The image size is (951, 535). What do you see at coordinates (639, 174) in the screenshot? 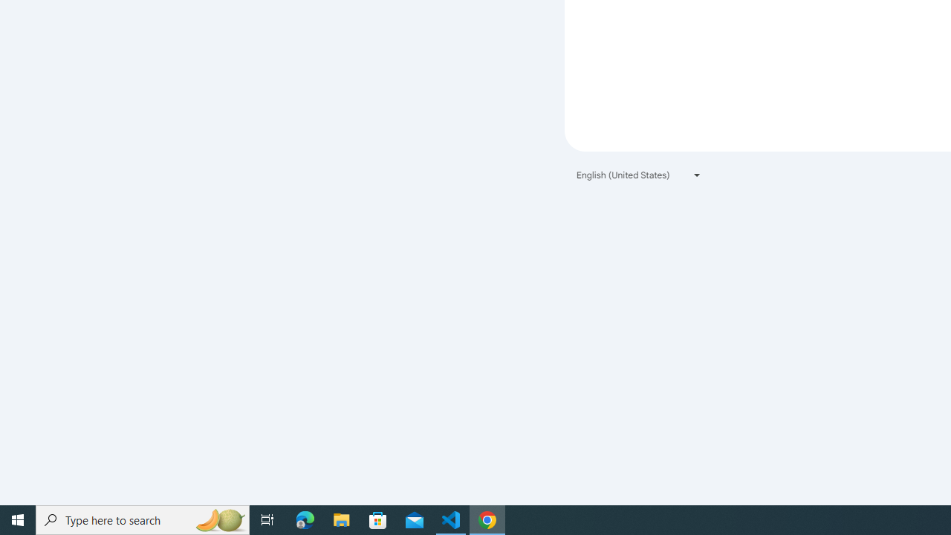
I see `'English (United States)'` at bounding box center [639, 174].